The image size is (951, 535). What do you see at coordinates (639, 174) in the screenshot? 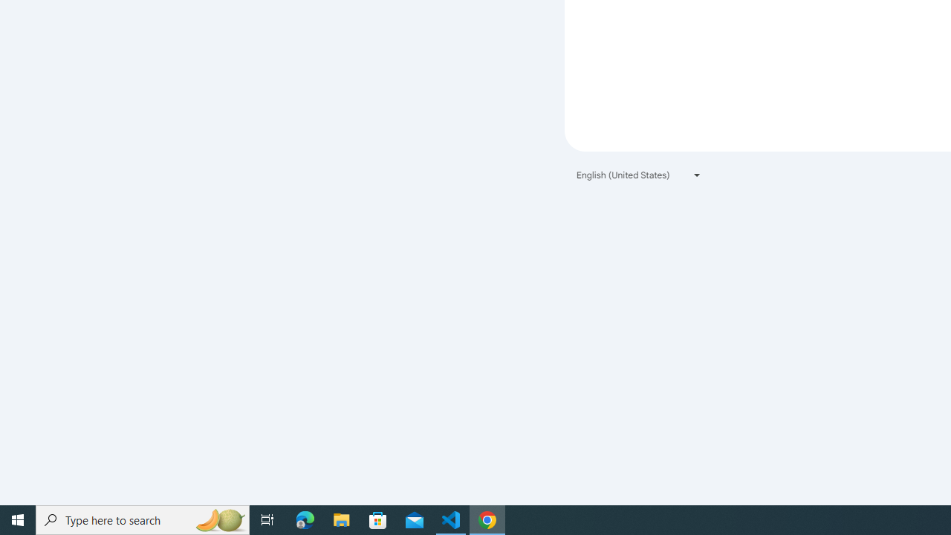
I see `'English (United States)'` at bounding box center [639, 174].